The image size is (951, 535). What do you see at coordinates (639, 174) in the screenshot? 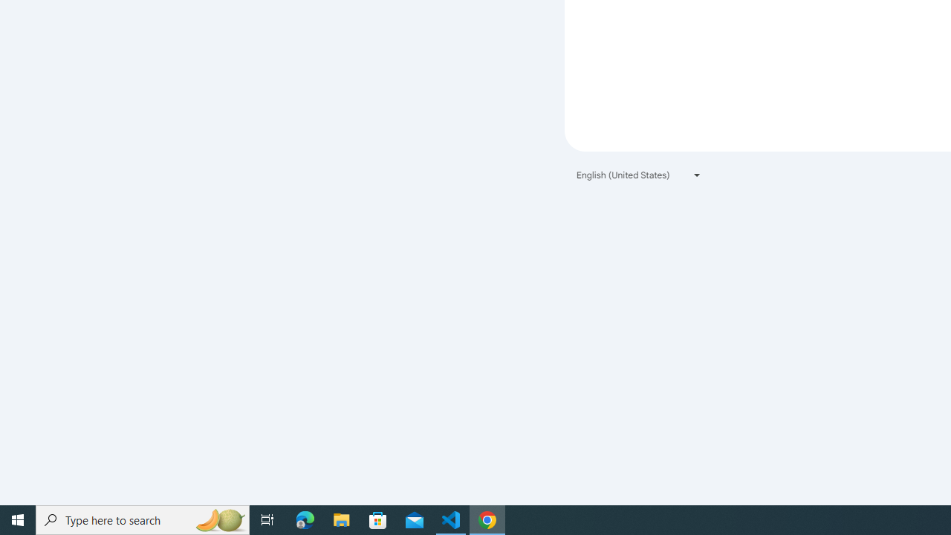
I see `'English (United States)'` at bounding box center [639, 174].